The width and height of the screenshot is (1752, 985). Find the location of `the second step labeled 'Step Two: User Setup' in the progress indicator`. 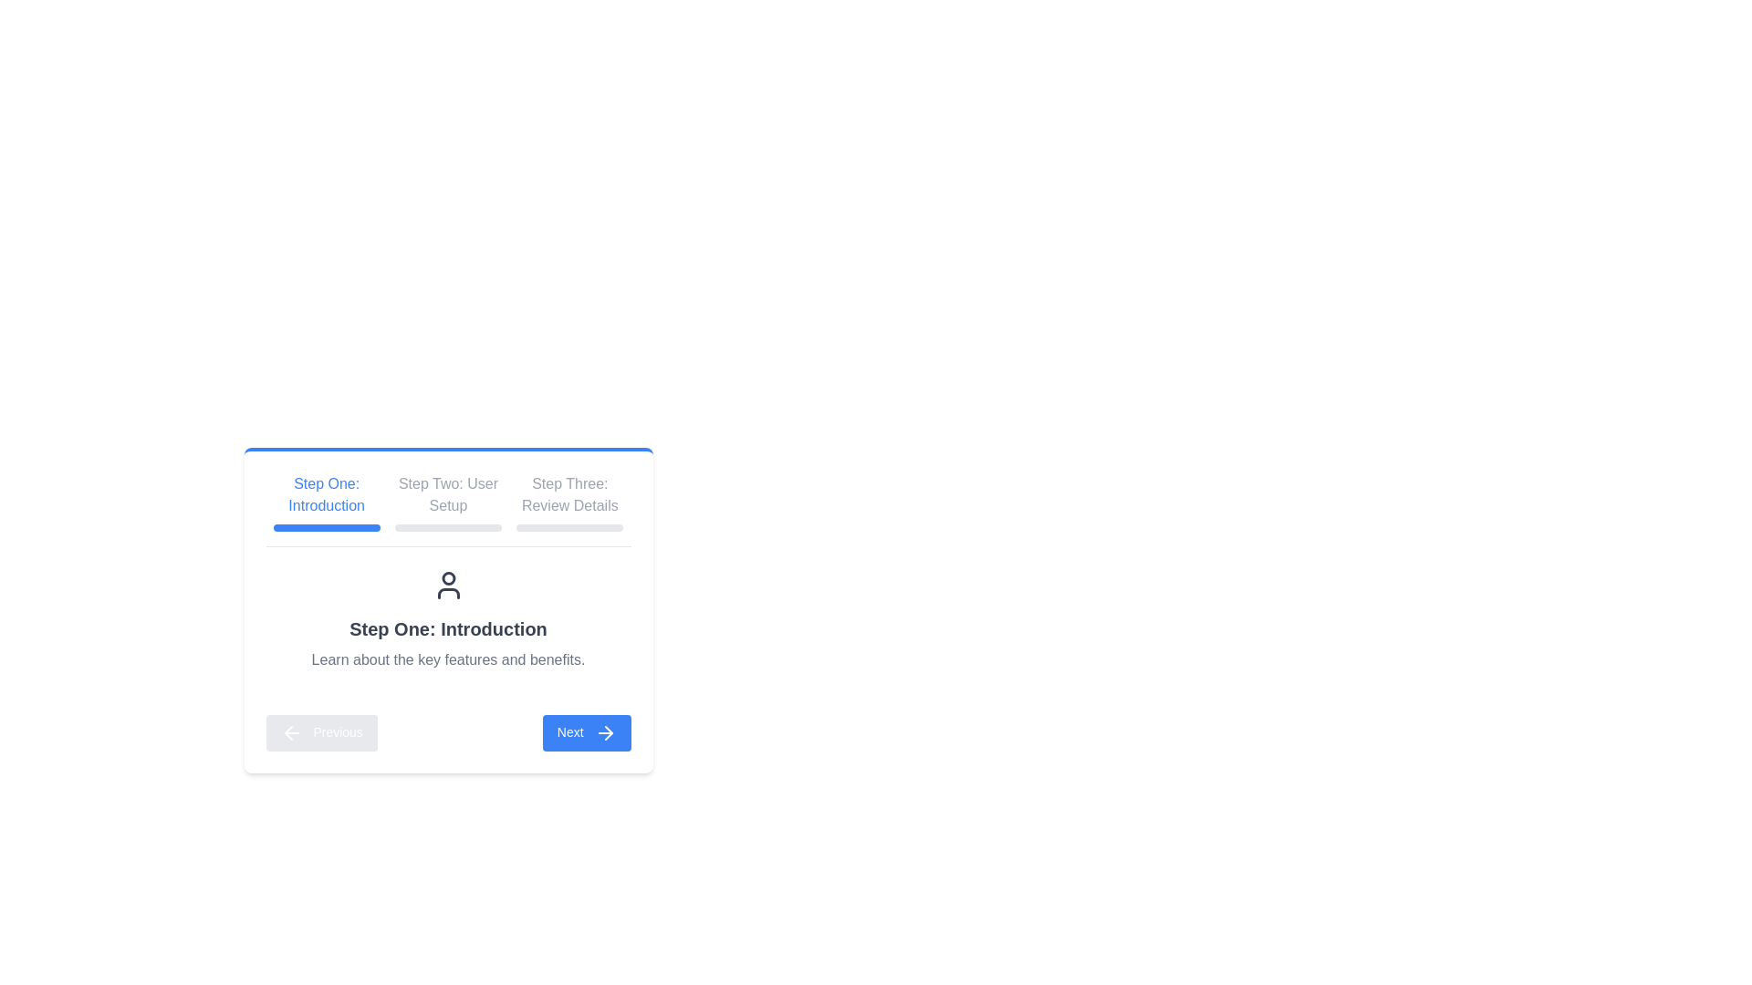

the second step labeled 'Step Two: User Setup' in the progress indicator is located at coordinates (448, 510).